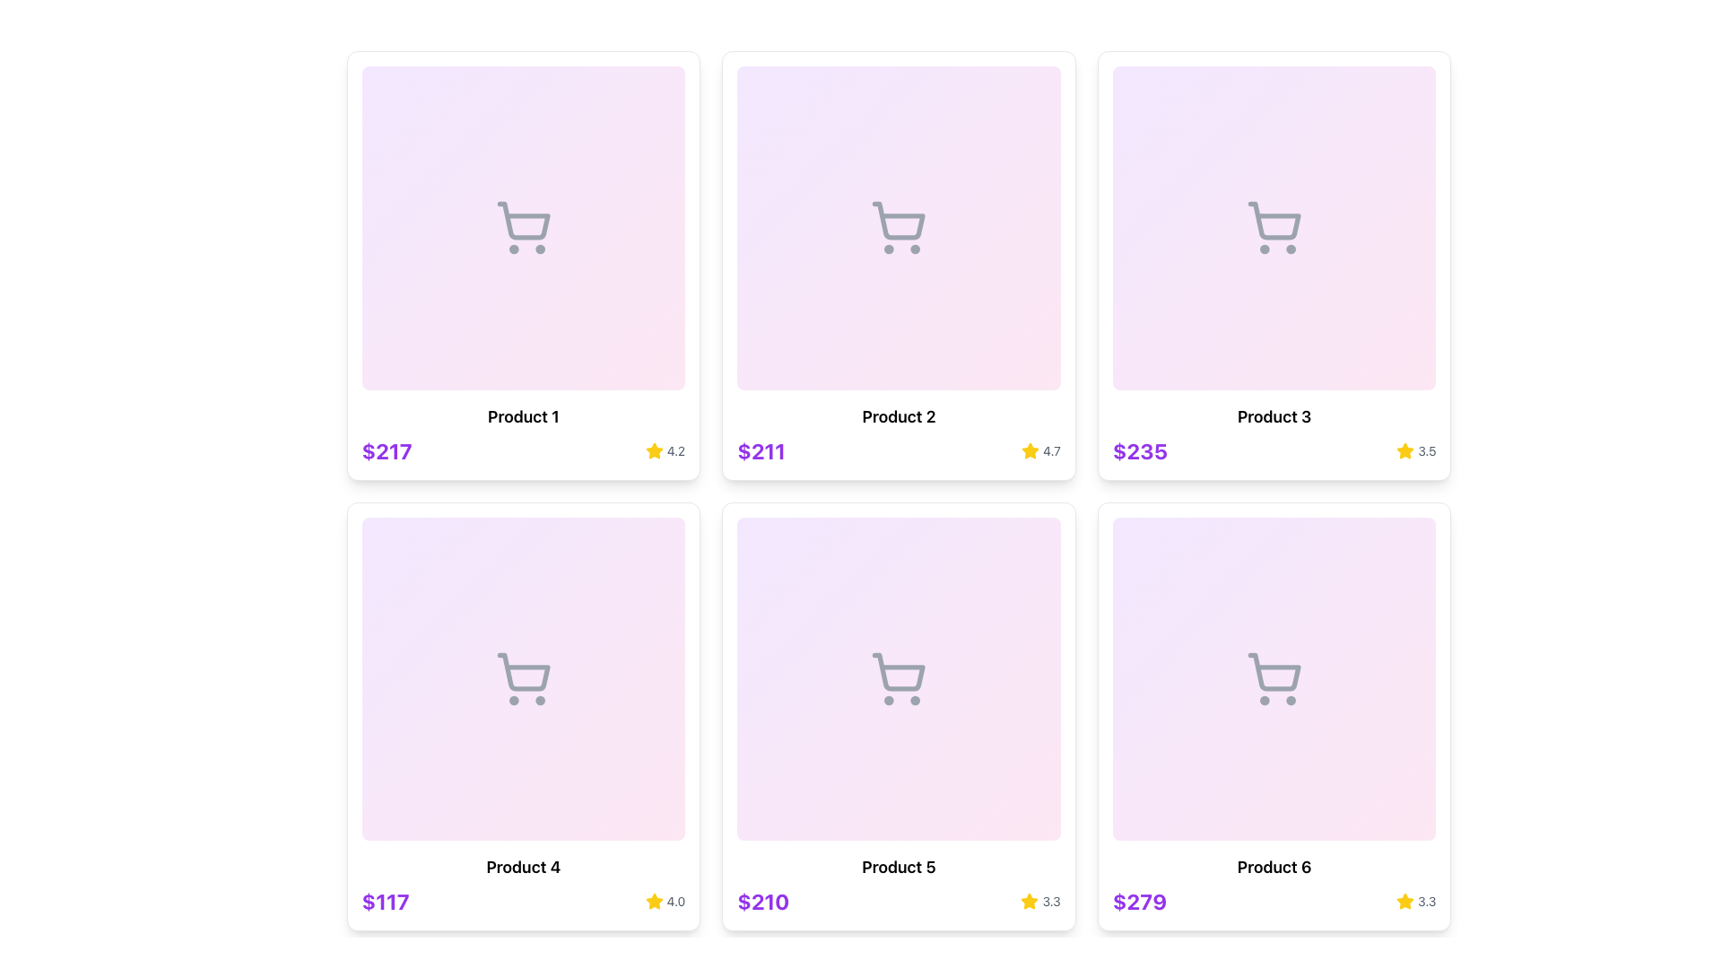 This screenshot has width=1722, height=969. Describe the element at coordinates (761, 450) in the screenshot. I see `bold purple text labeled '$211' displayed in the bottom section of the product information card for 'Product 2' in the second column of the first row` at that location.